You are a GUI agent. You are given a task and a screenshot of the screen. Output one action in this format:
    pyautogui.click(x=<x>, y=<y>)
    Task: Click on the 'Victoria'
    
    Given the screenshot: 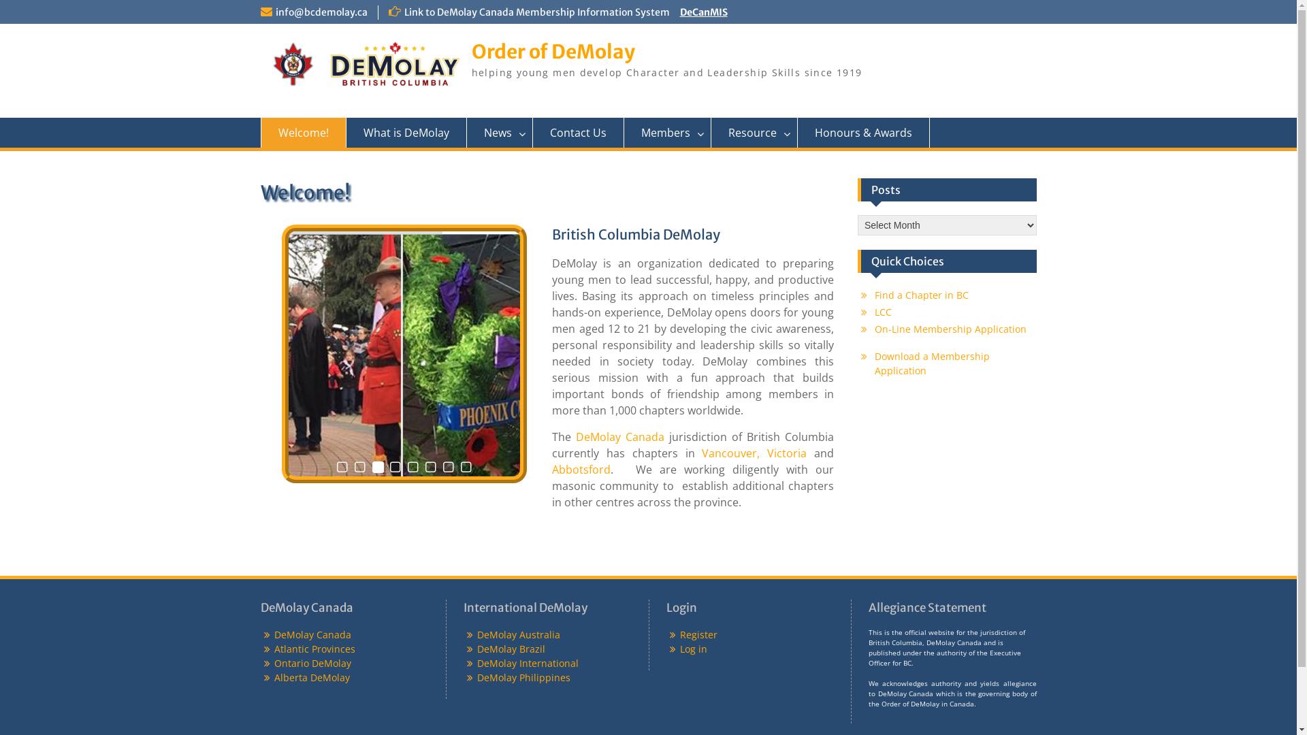 What is the action you would take?
    pyautogui.click(x=787, y=453)
    